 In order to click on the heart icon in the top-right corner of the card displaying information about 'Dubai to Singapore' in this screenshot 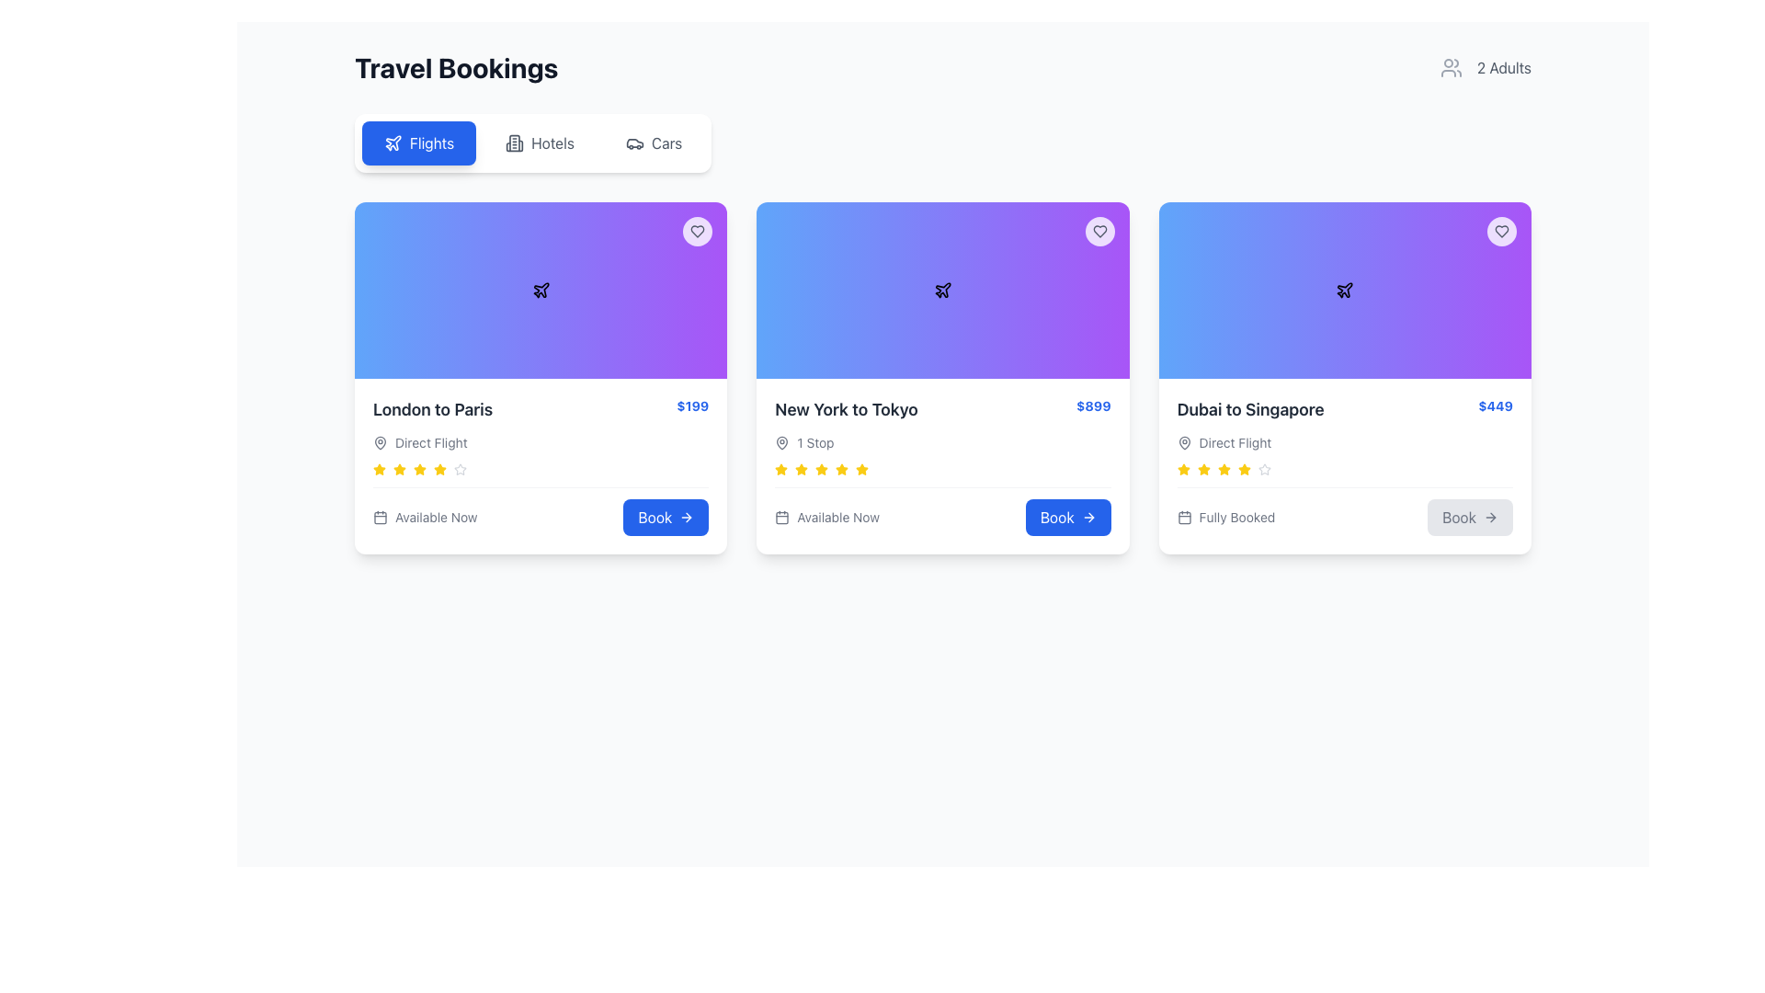, I will do `click(1501, 230)`.